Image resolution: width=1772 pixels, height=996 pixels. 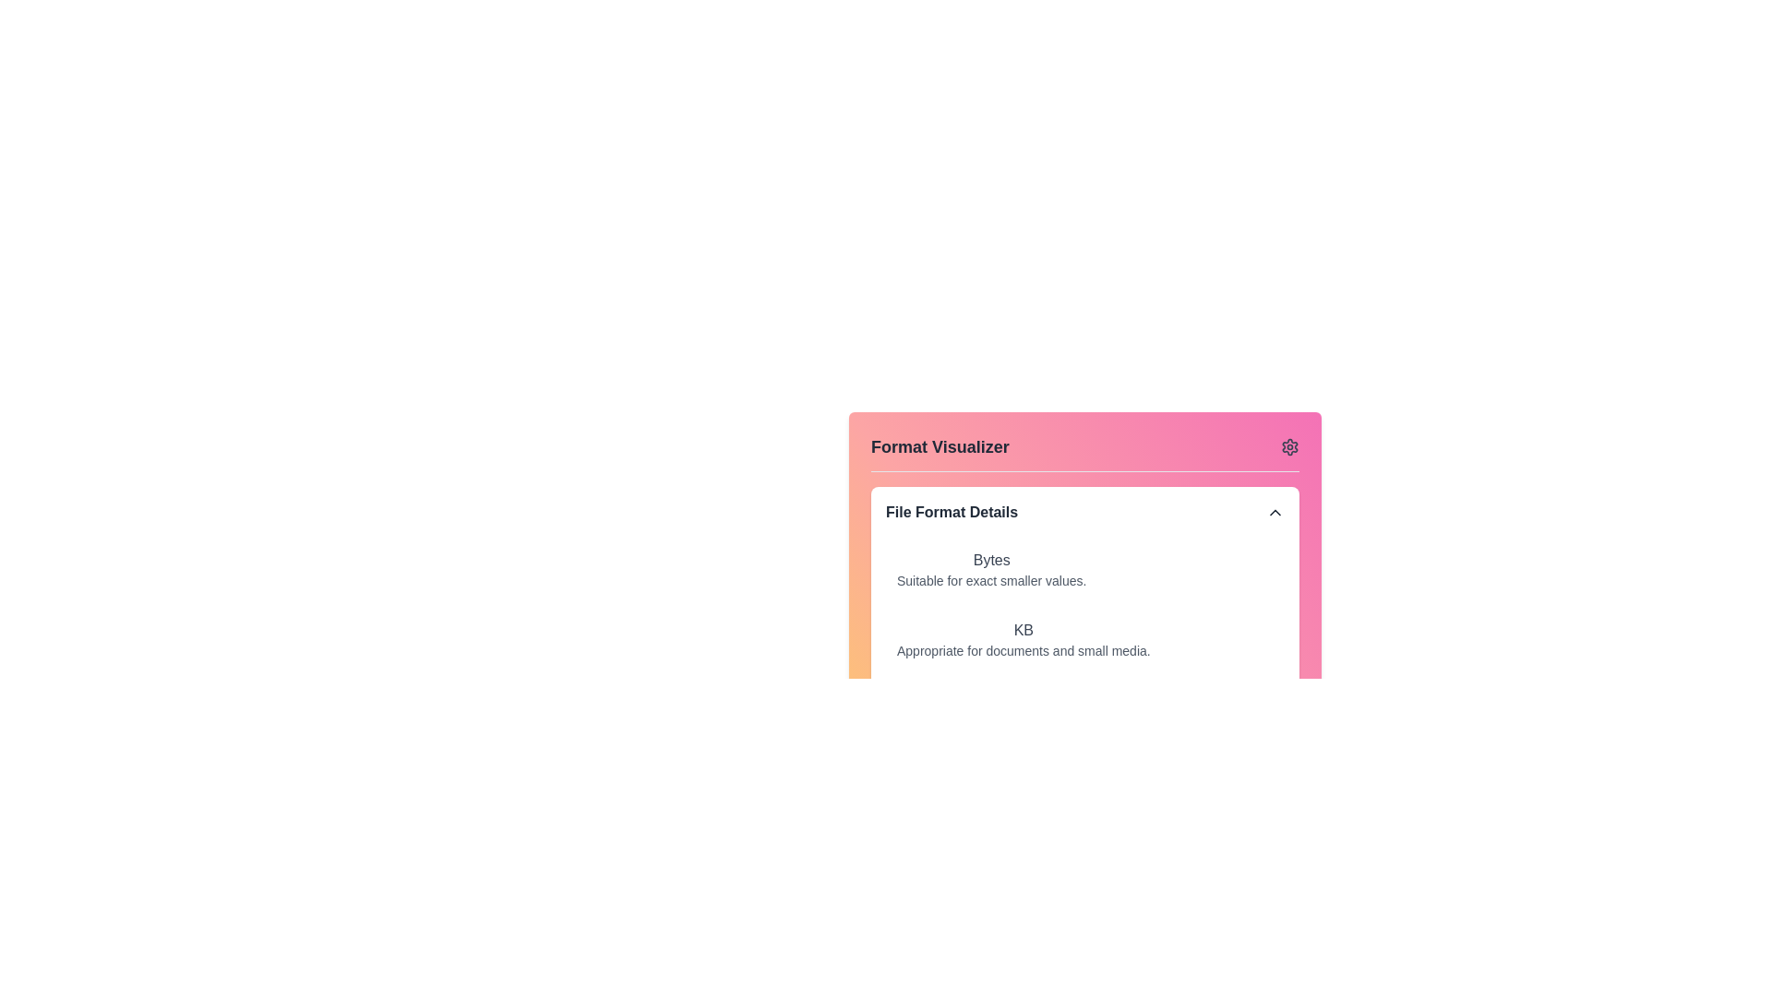 What do you see at coordinates (990, 579) in the screenshot?
I see `descriptive text label stating 'Suitable for exact smaller values.' located below the bold text 'Bytes' in the panel labeled 'File Format Details'` at bounding box center [990, 579].